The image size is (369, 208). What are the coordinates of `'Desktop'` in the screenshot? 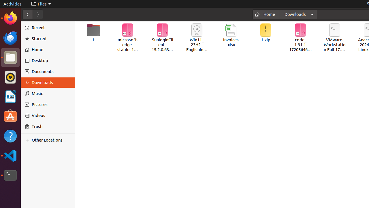 It's located at (51, 61).